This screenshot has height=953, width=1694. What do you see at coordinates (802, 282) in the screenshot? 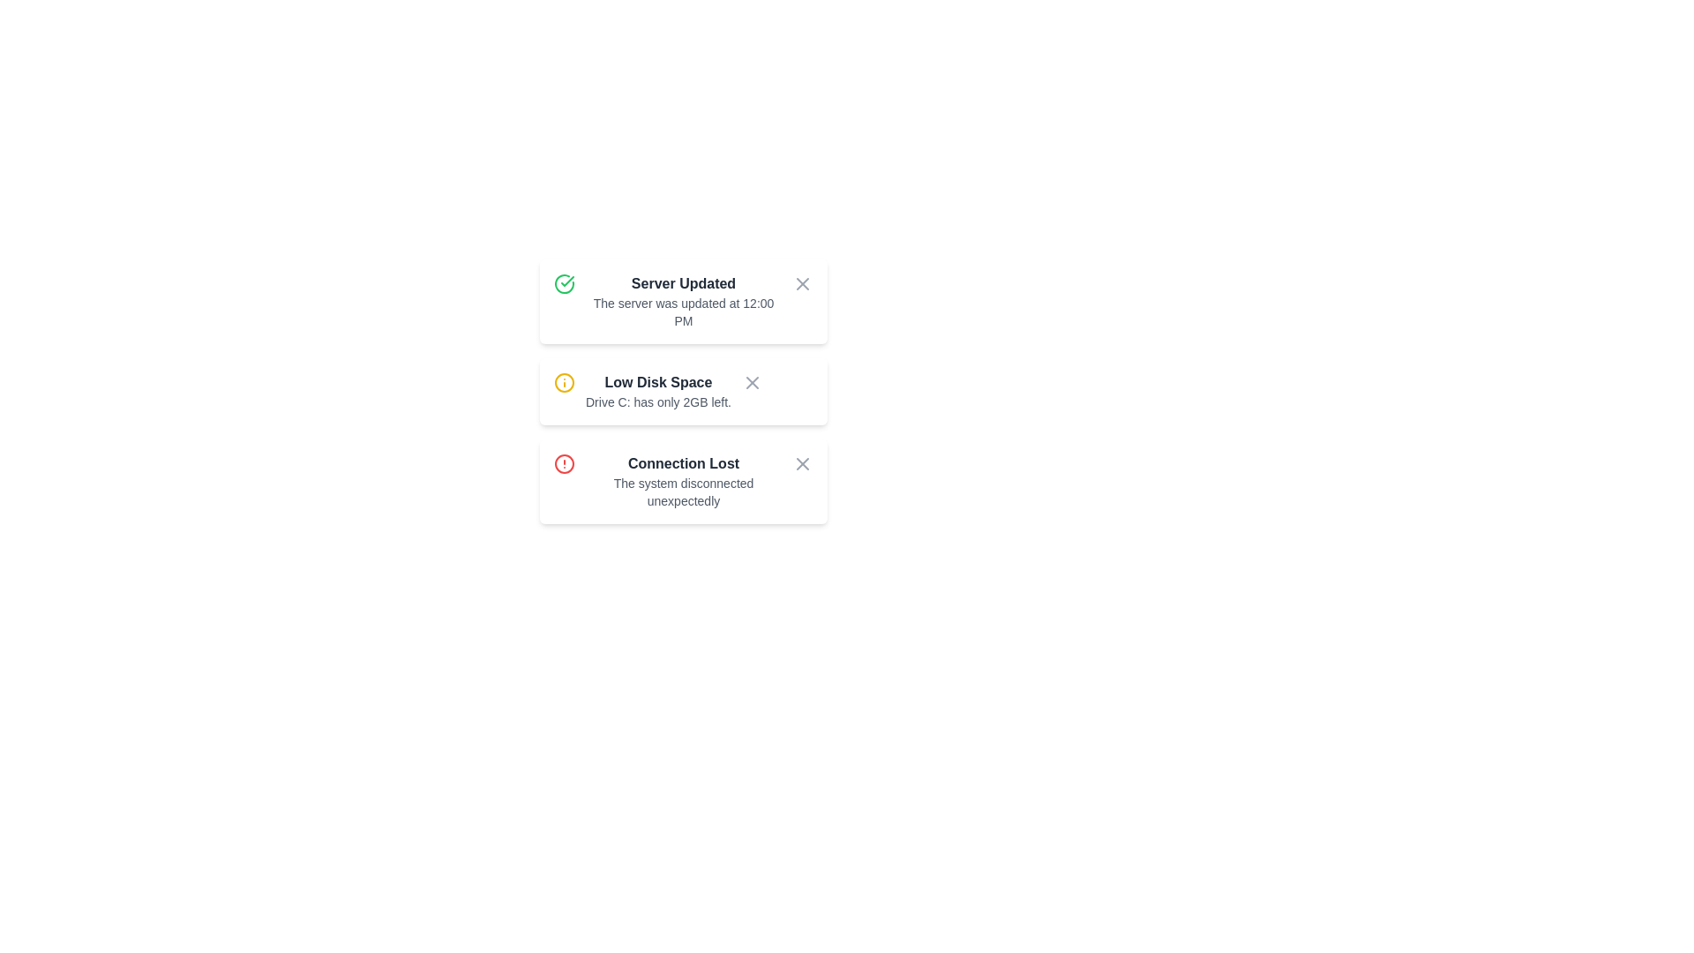
I see `the 'X' icon in the top right corner of the 'Server Updated' notification card` at bounding box center [802, 282].